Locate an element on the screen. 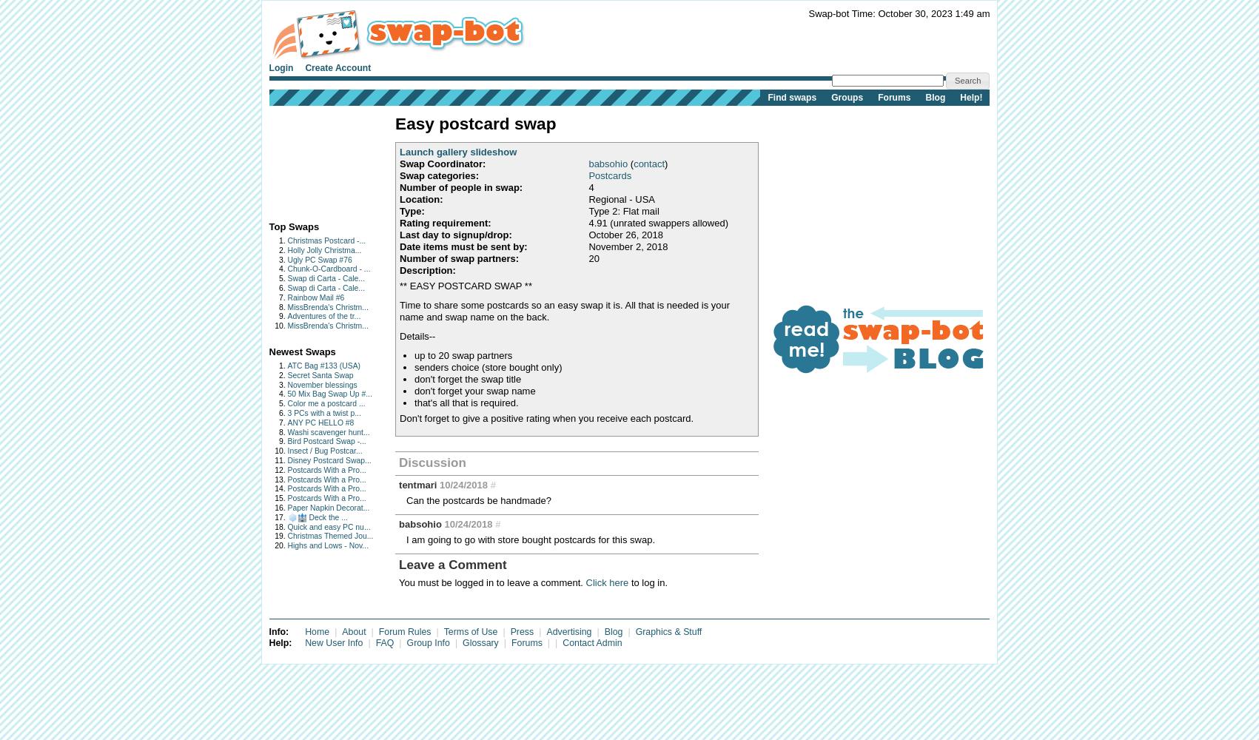 The width and height of the screenshot is (1259, 740). 'Time to share some postcards so an easy swap it is.
All that is needed is your name and swap name on the back.' is located at coordinates (565, 310).